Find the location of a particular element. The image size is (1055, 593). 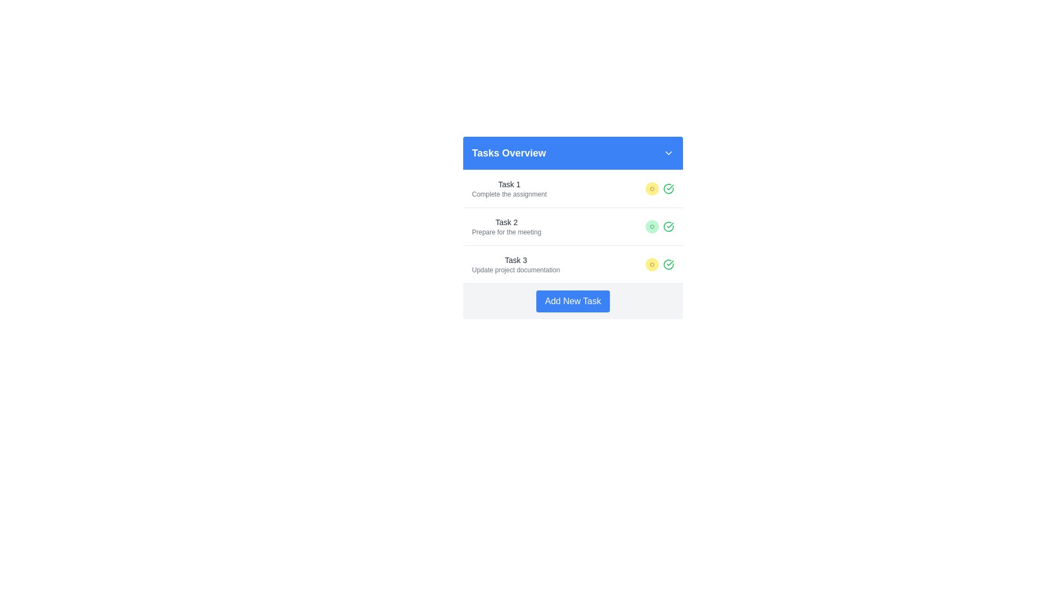

the 'Task 2' text label, which is styled with a medium-weight sans-serif font in dark gray is located at coordinates (506, 222).